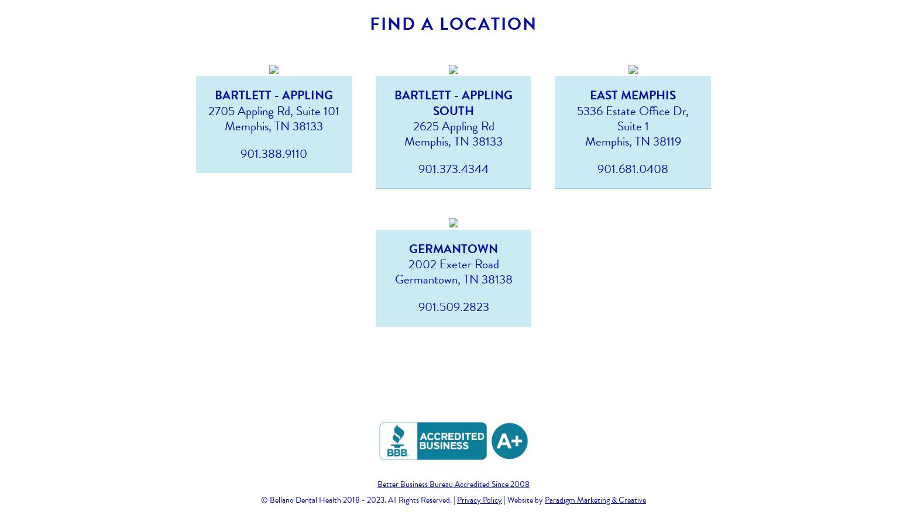 The height and width of the screenshot is (529, 907). What do you see at coordinates (273, 153) in the screenshot?
I see `'901.388.9110'` at bounding box center [273, 153].